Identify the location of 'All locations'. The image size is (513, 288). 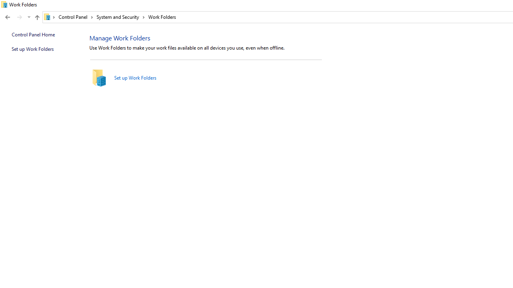
(49, 17).